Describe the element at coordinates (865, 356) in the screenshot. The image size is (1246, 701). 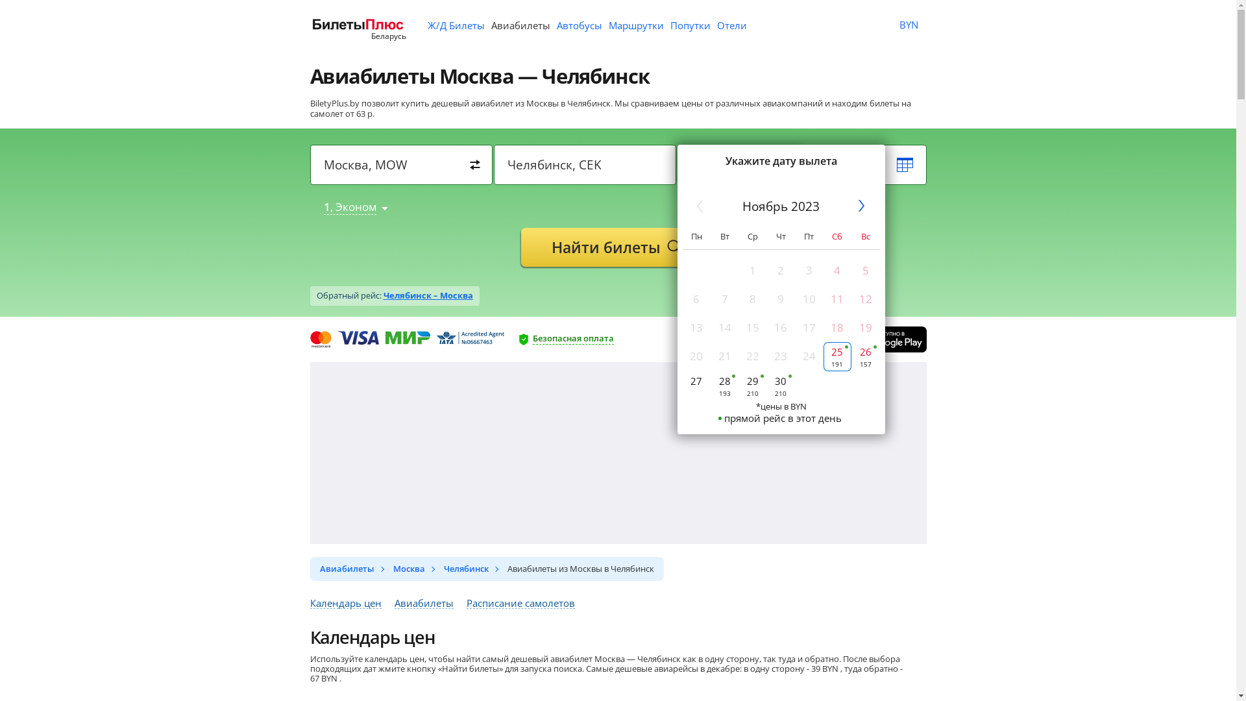
I see `'26'` at that location.